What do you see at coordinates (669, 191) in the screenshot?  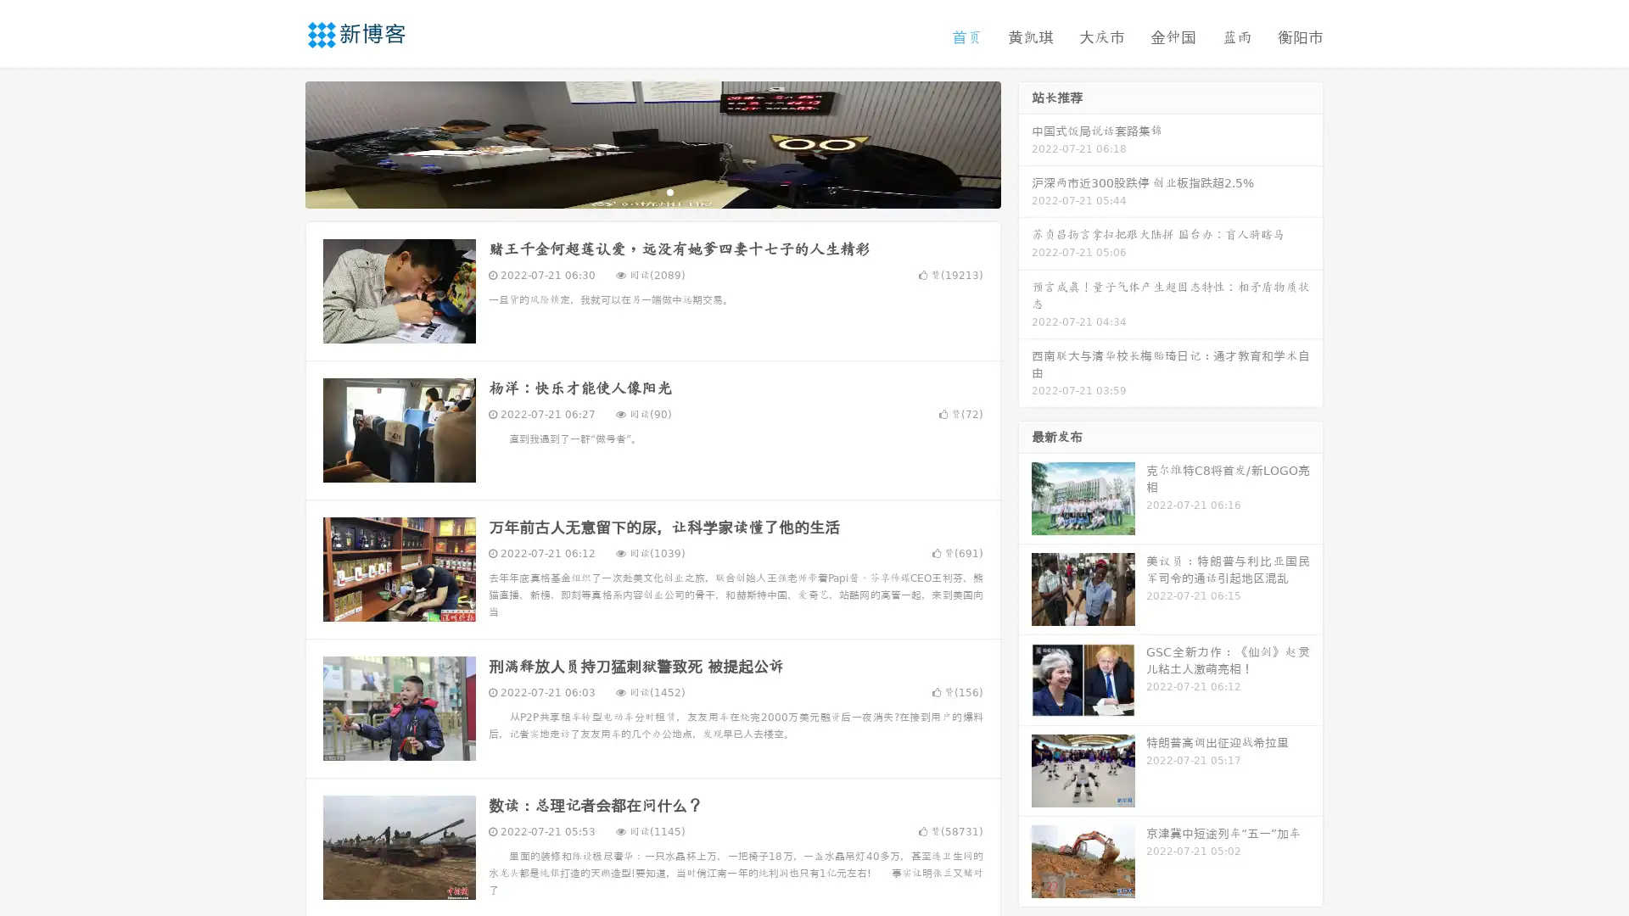 I see `Go to slide 3` at bounding box center [669, 191].